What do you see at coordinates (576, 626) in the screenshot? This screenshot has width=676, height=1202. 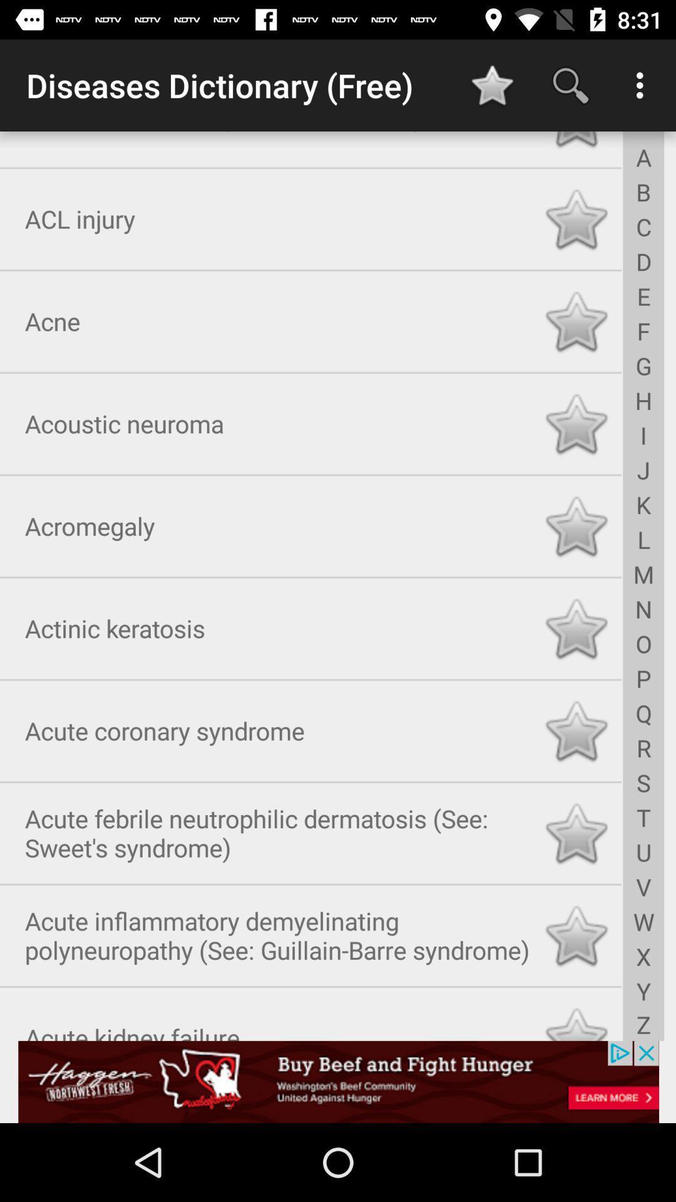 I see `star` at bounding box center [576, 626].